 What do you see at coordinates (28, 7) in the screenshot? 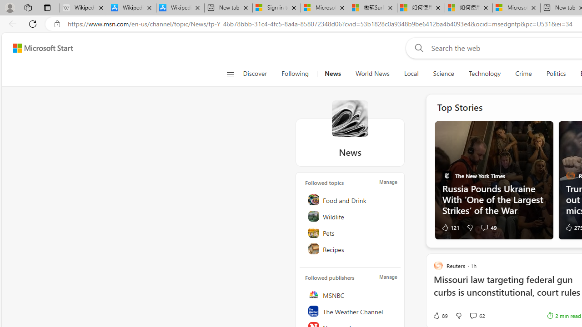
I see `'Workspaces'` at bounding box center [28, 7].